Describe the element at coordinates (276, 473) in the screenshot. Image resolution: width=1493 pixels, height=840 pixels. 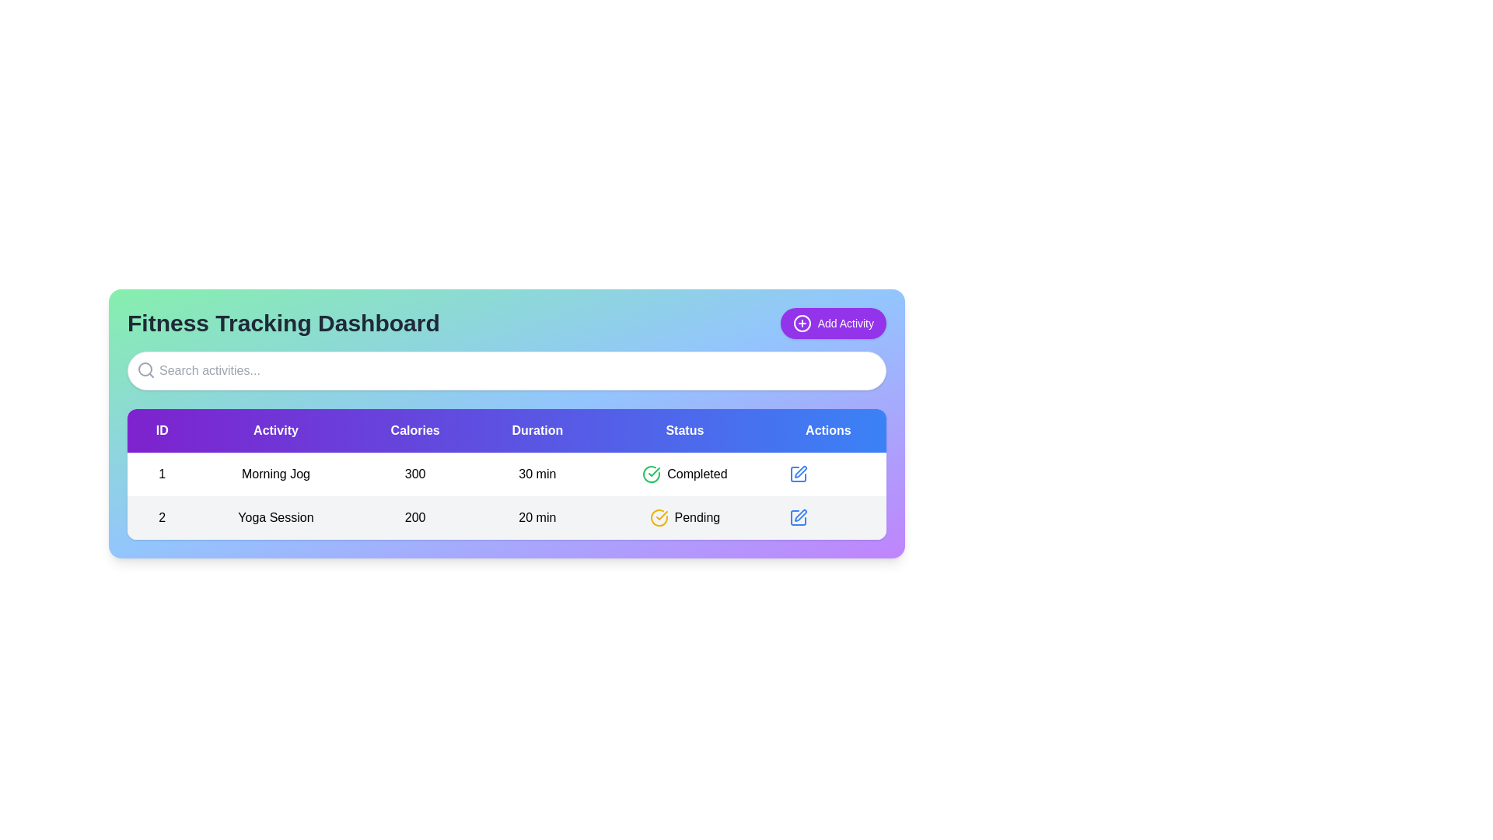
I see `the text label displaying 'Morning Jog' in the 'Activity' column of the first row in the table on the Fitness Tracking Dashboard` at that location.